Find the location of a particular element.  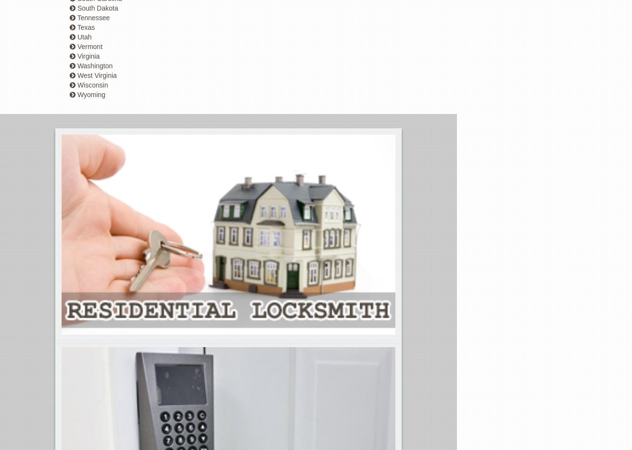

'Texas' is located at coordinates (85, 27).